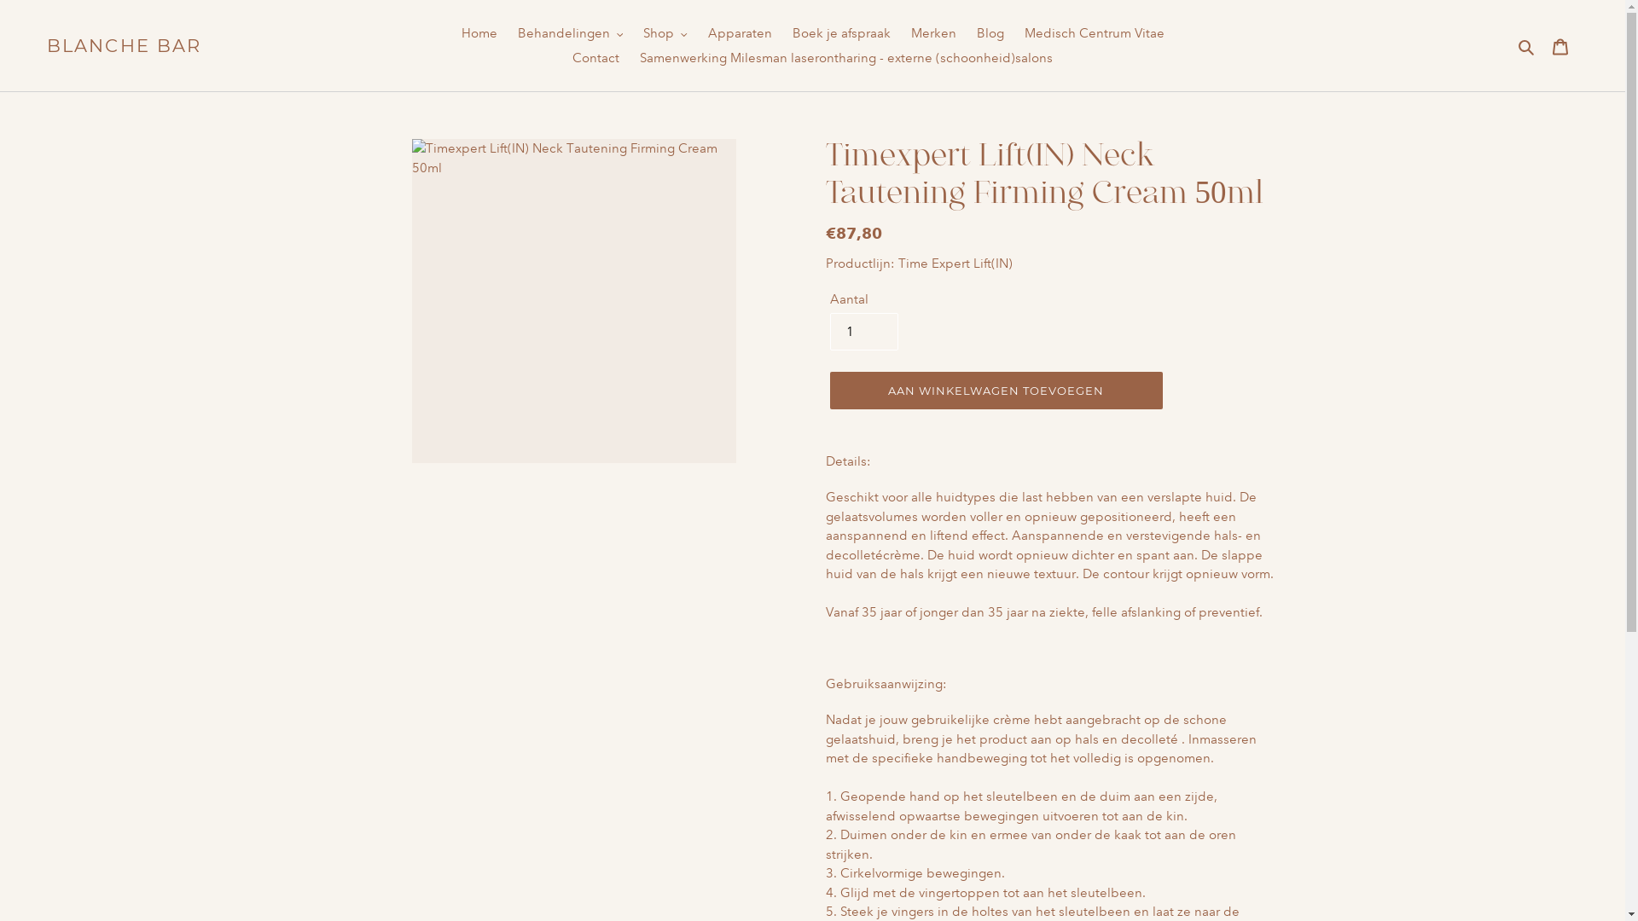 Image resolution: width=1638 pixels, height=921 pixels. What do you see at coordinates (700, 33) in the screenshot?
I see `'Apparaten'` at bounding box center [700, 33].